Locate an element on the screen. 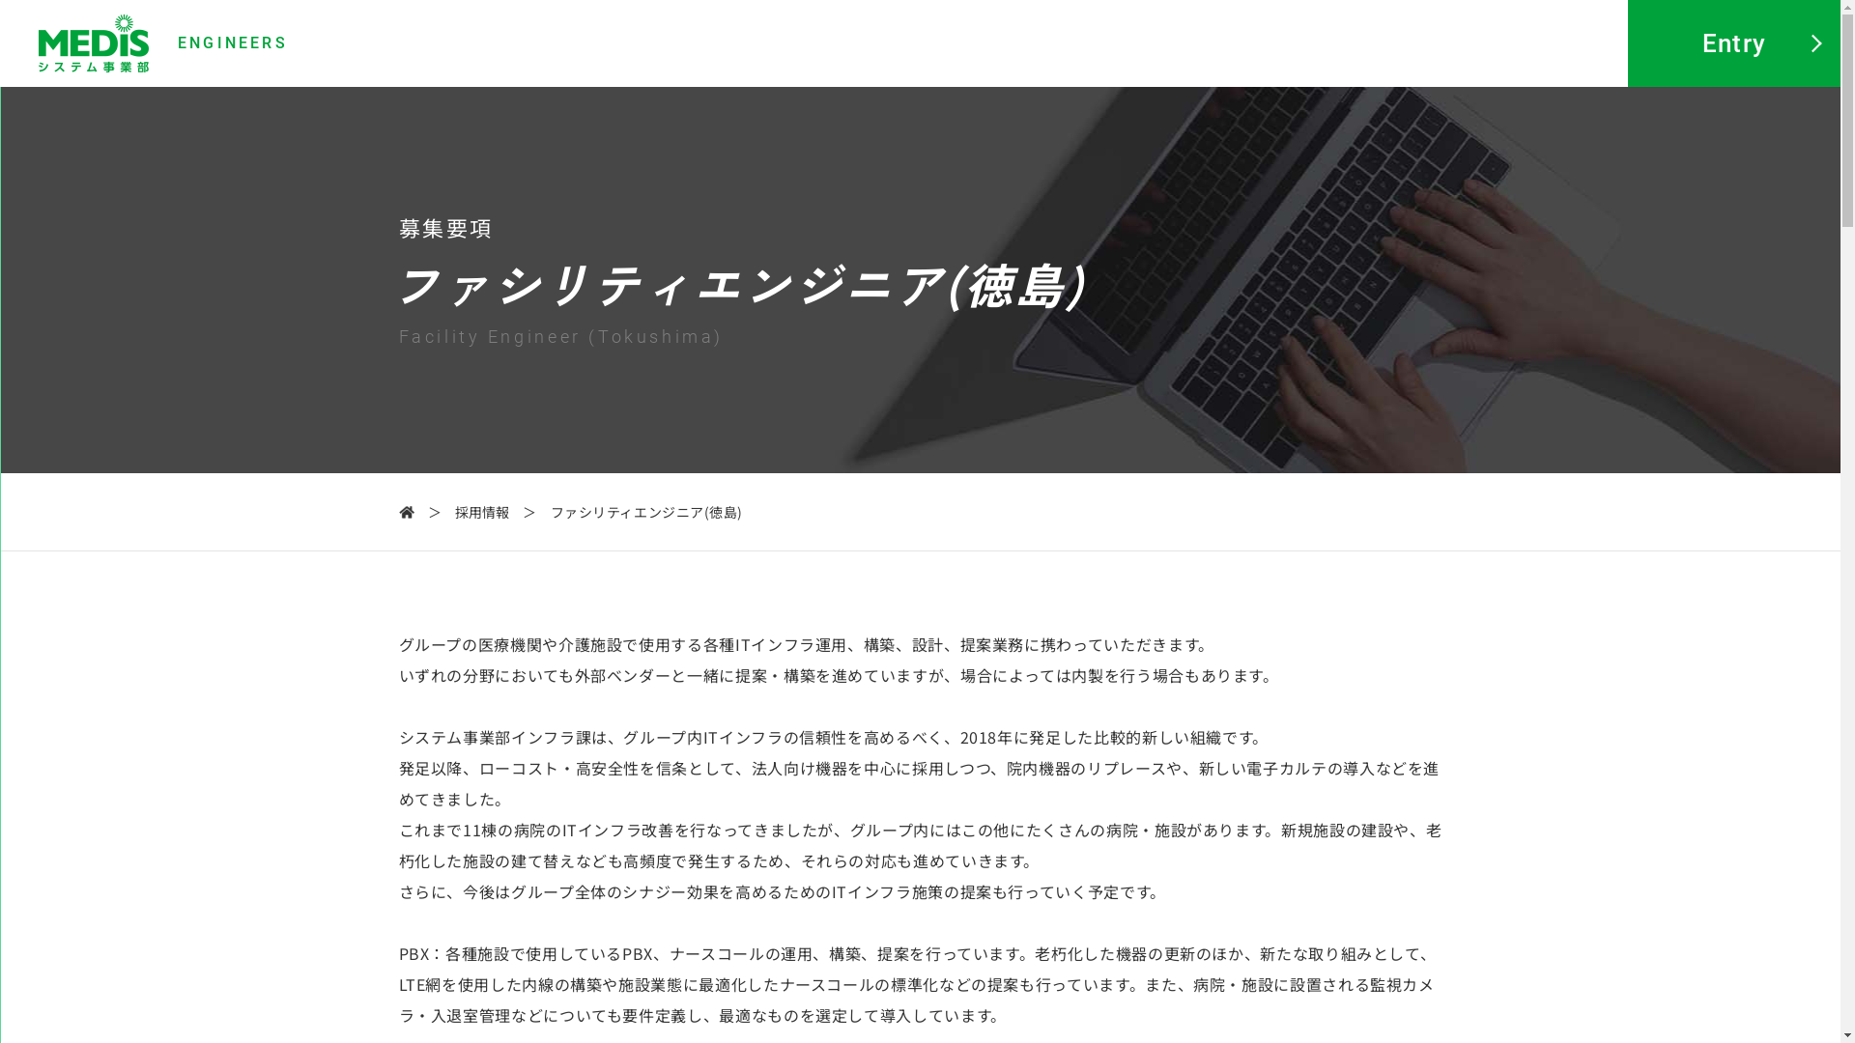  'ENGINEERS' is located at coordinates (162, 43).